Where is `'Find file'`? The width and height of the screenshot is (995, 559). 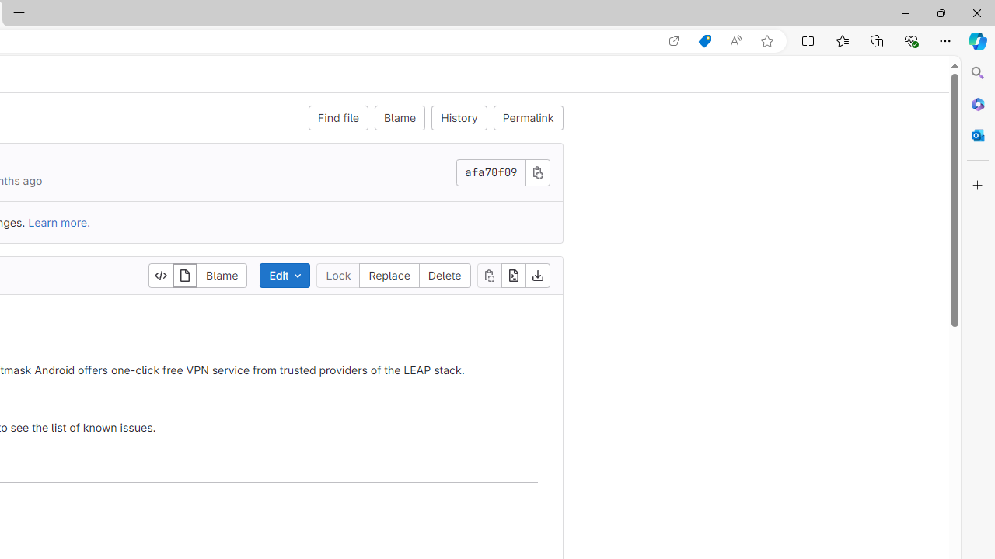
'Find file' is located at coordinates (337, 116).